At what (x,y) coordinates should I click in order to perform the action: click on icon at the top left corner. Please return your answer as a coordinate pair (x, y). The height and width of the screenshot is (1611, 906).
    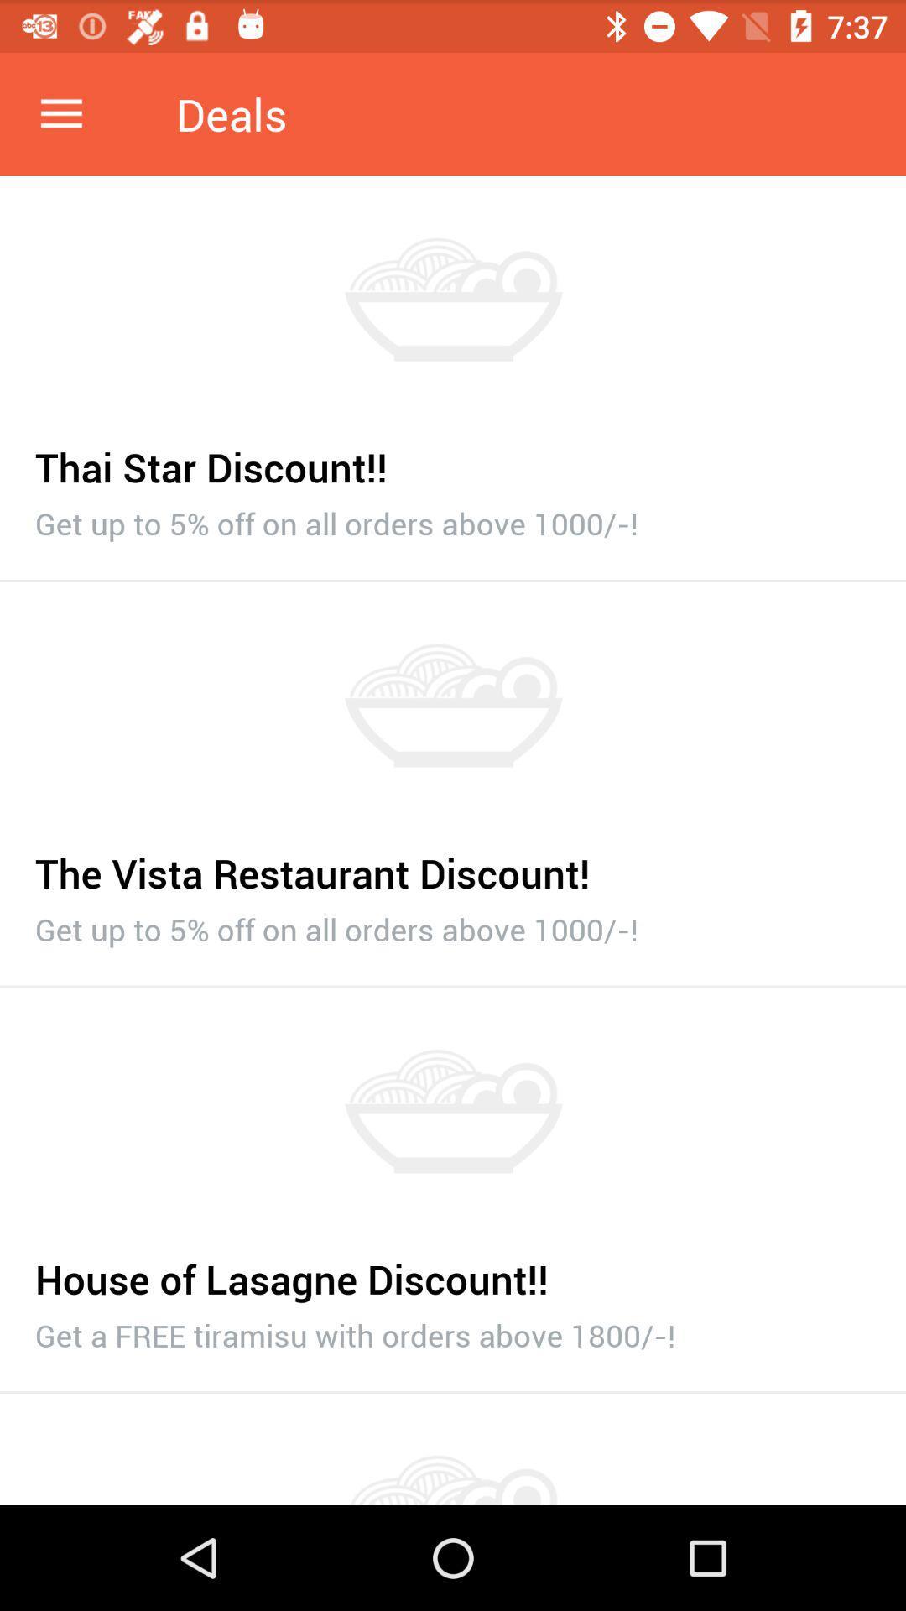
    Looking at the image, I should click on (60, 113).